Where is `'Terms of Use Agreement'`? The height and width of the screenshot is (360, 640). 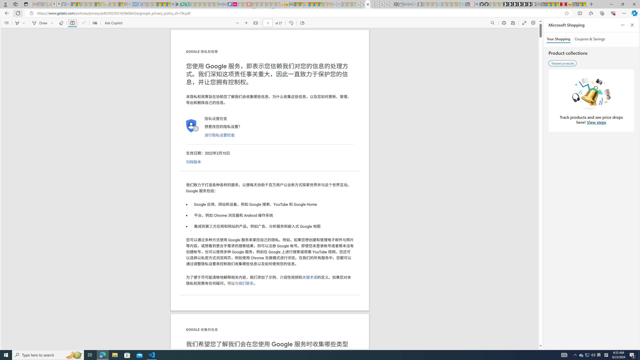 'Terms of Use Agreement' is located at coordinates (182, 4).